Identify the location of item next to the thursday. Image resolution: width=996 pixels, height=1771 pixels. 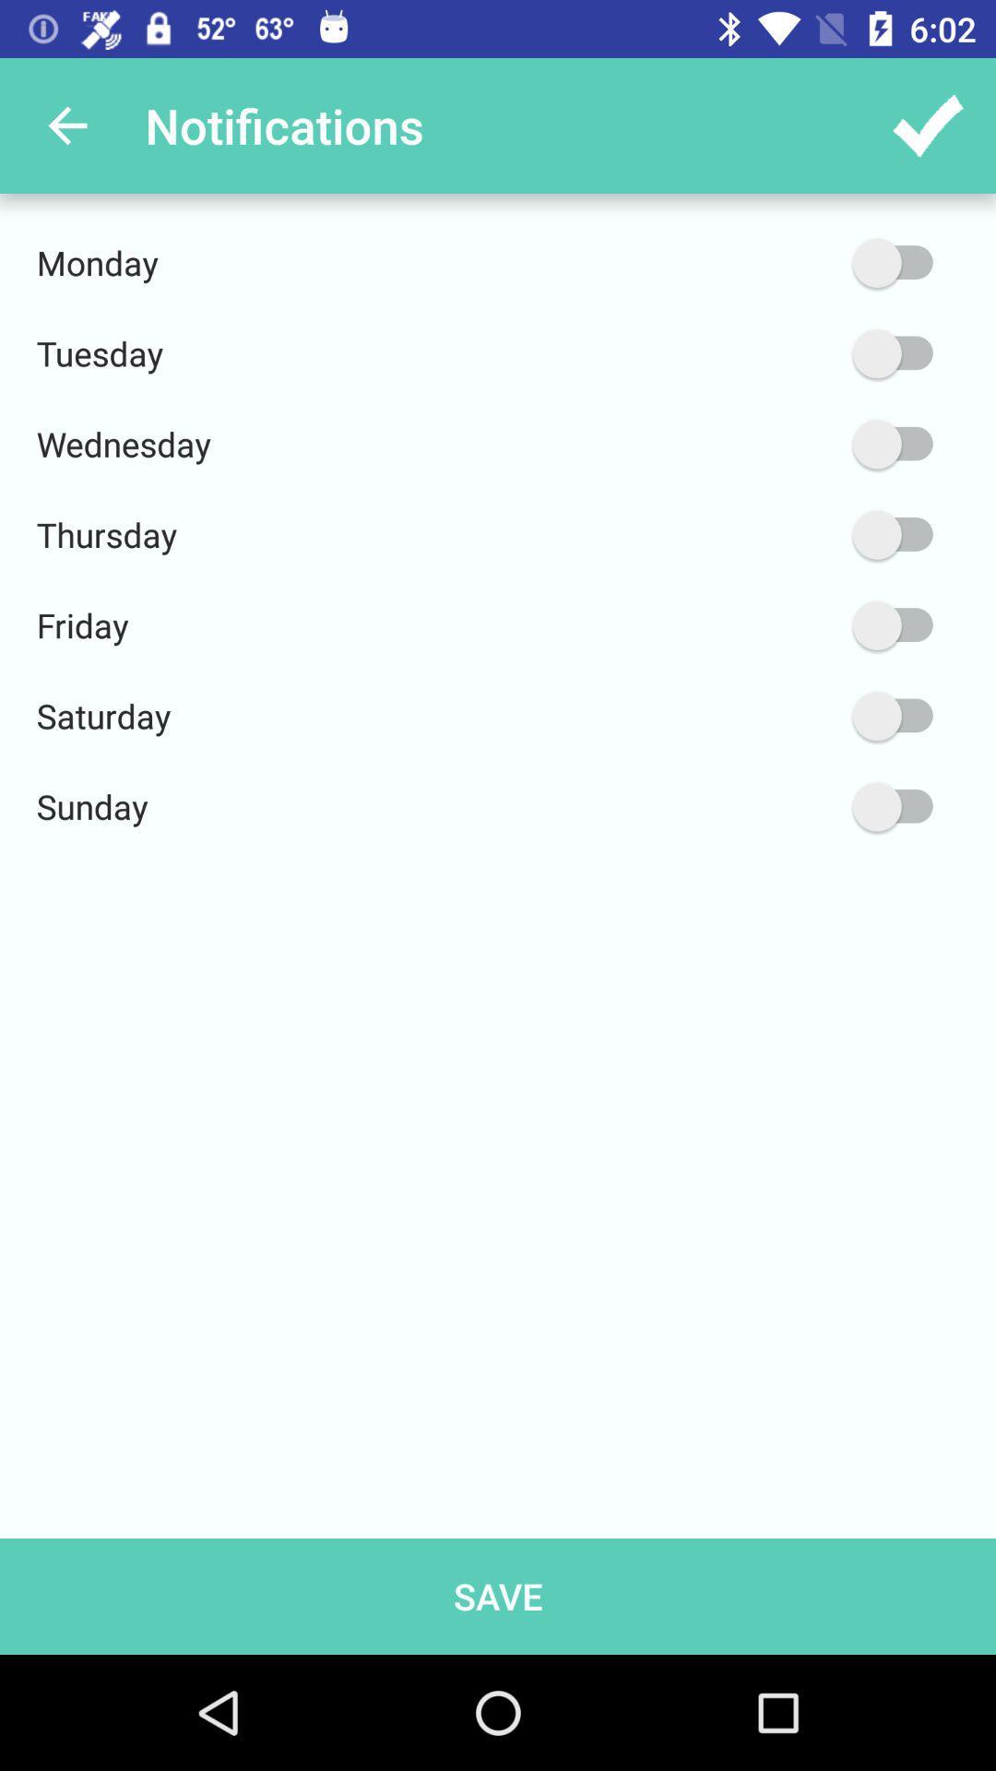
(804, 534).